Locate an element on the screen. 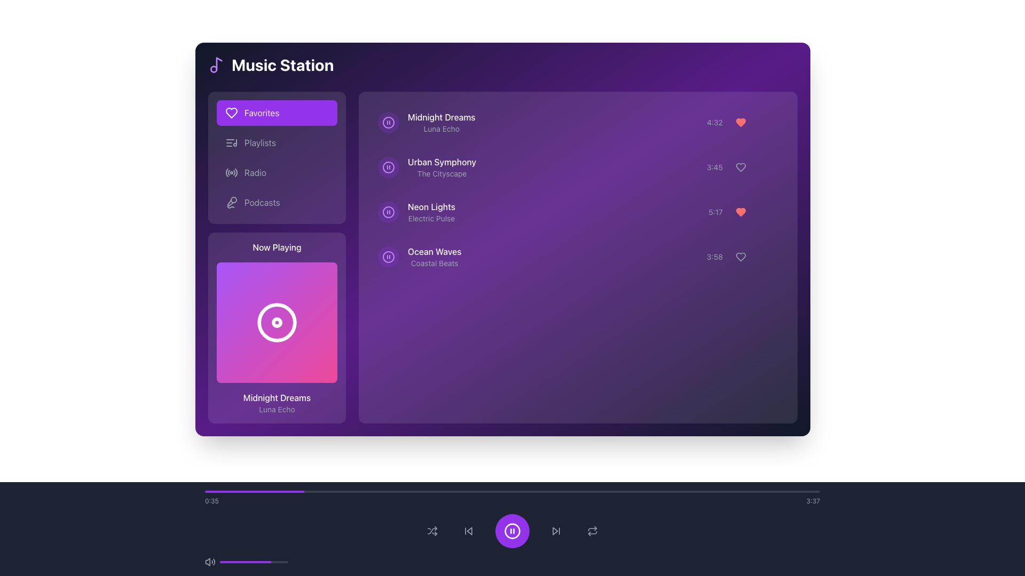  the 'Podcasts' icon located in the vertical menu on the left sidebar of the interface is located at coordinates (231, 203).